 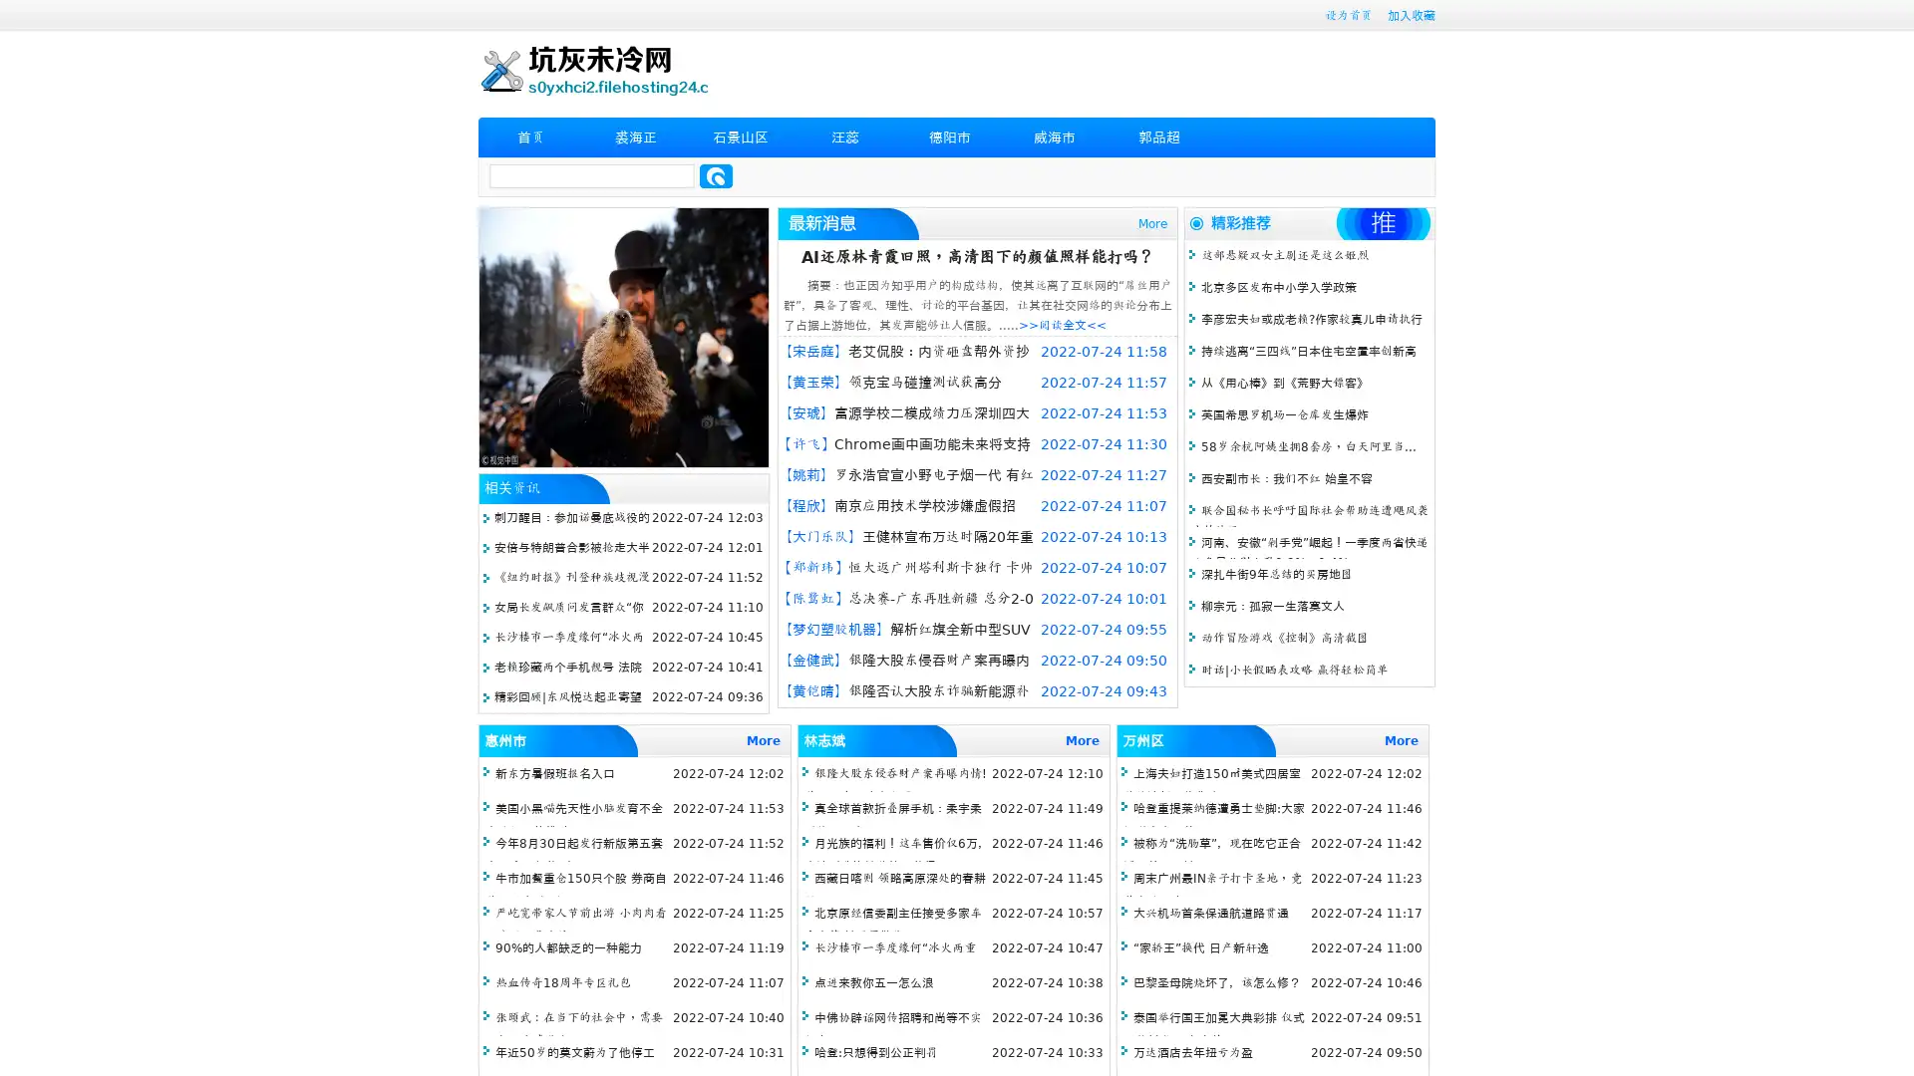 What do you see at coordinates (716, 175) in the screenshot?
I see `Search` at bounding box center [716, 175].